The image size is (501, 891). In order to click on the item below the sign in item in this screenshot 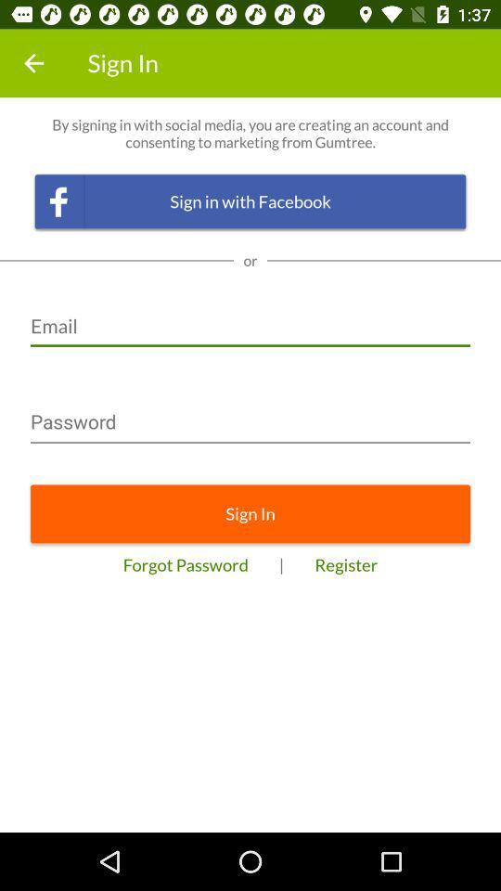, I will do `click(186, 563)`.